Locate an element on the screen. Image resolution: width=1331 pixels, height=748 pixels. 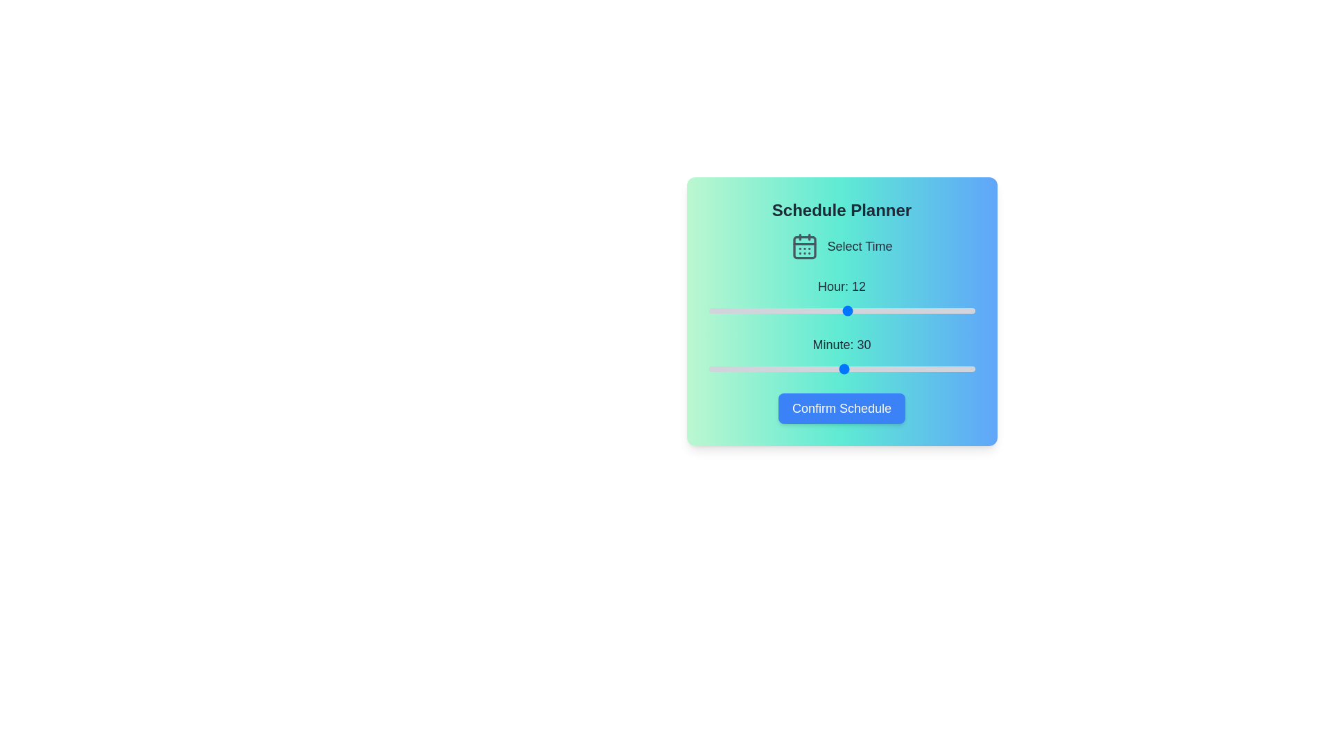
the minute slider to 13 value is located at coordinates (767, 368).